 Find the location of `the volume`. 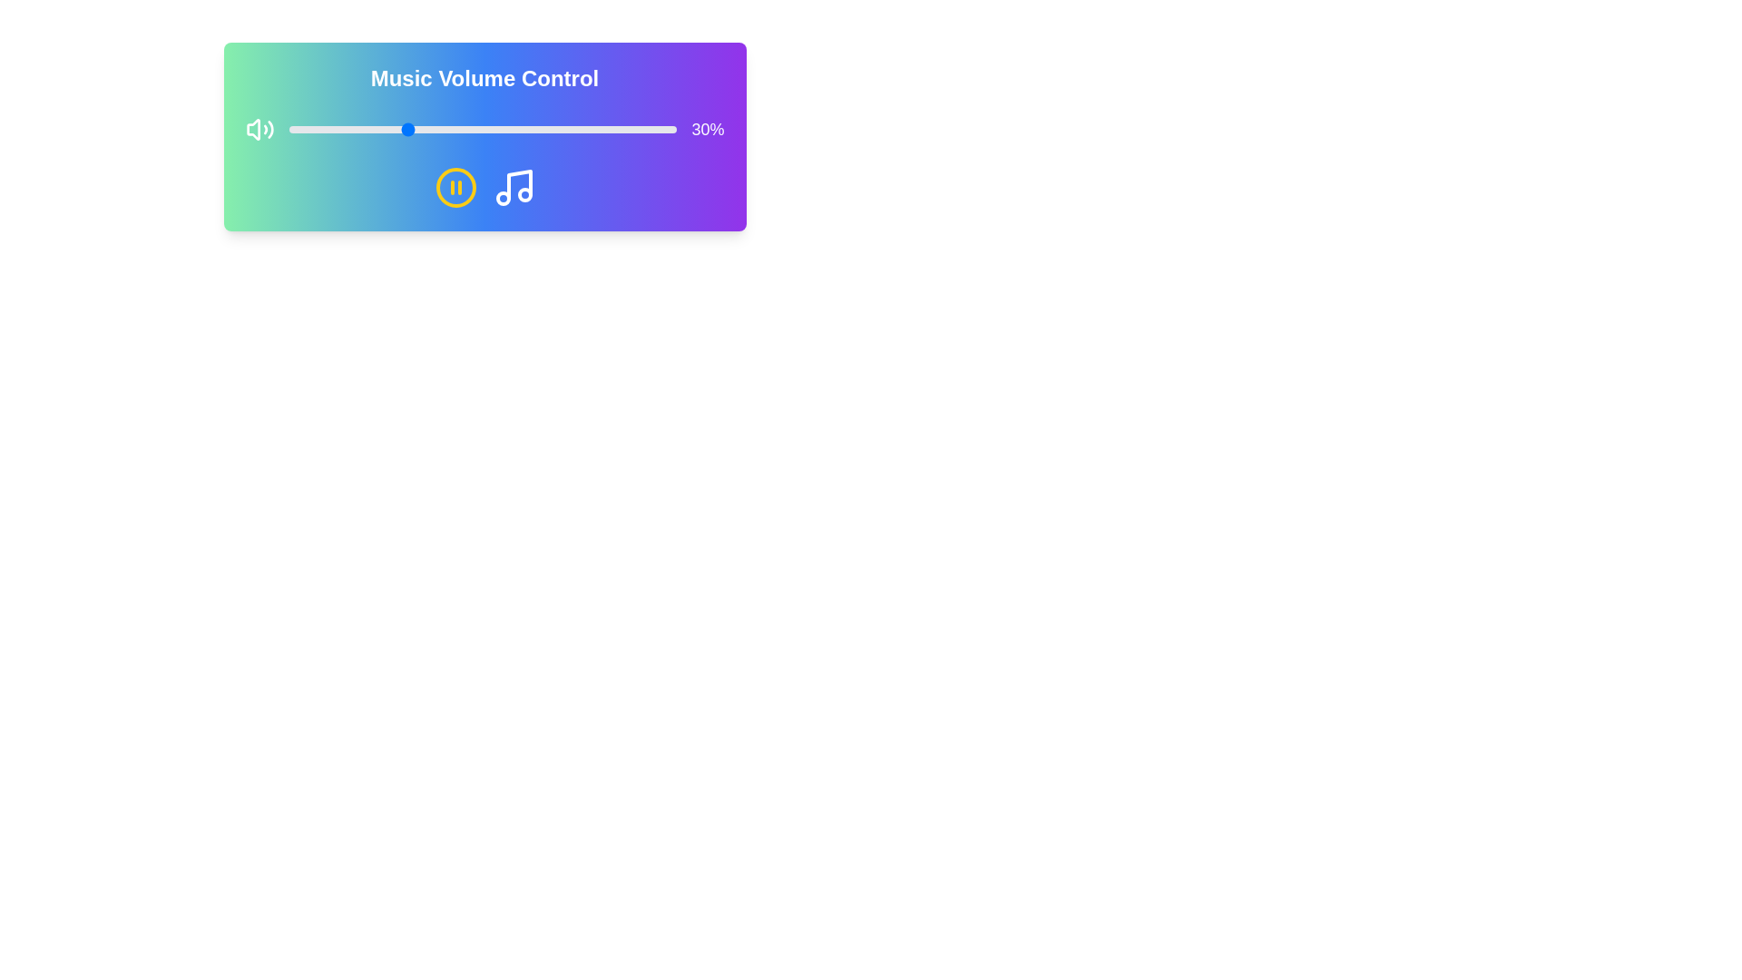

the volume is located at coordinates (407, 128).